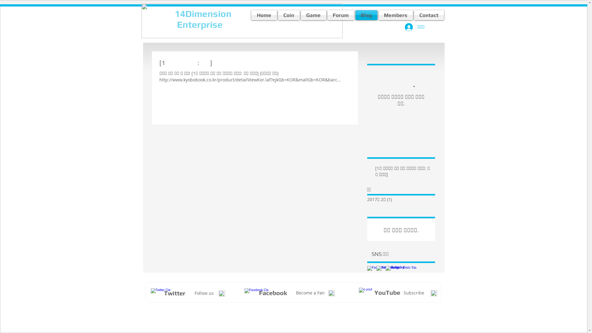  I want to click on 'Home', so click(264, 15).